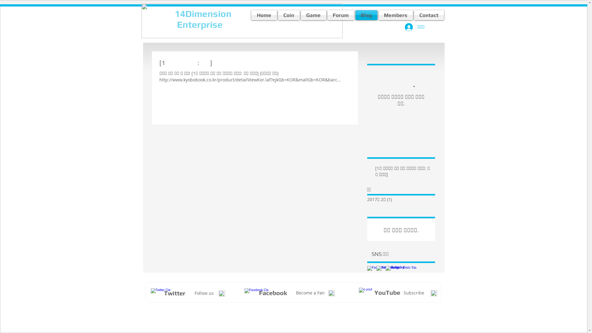  I want to click on 'Home', so click(264, 15).